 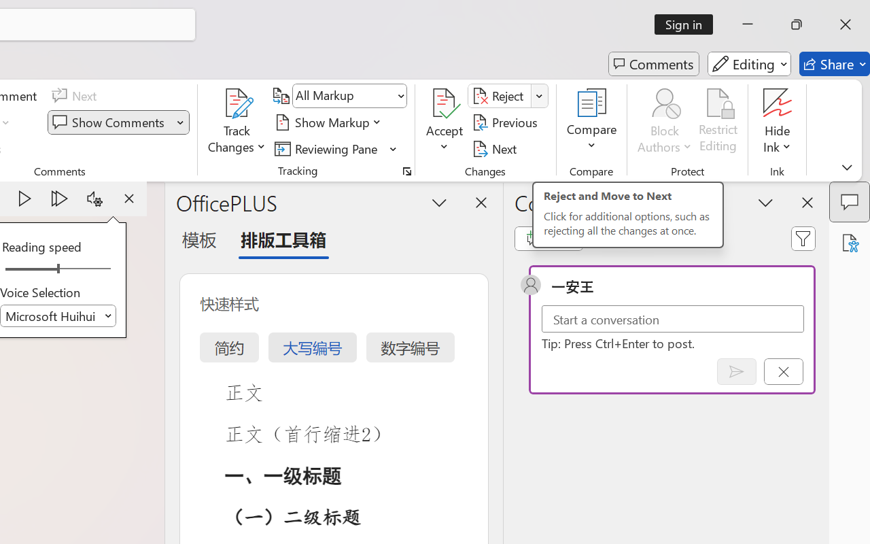 What do you see at coordinates (592, 122) in the screenshot?
I see `'Compare'` at bounding box center [592, 122].